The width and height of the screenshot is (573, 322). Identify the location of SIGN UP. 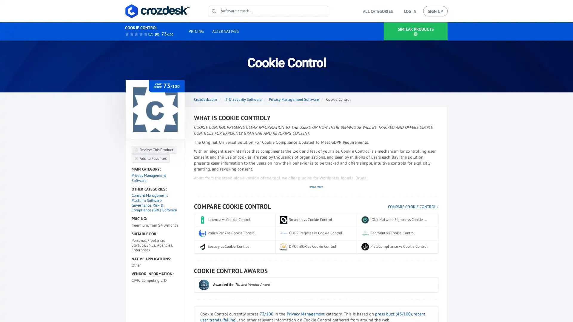
(435, 11).